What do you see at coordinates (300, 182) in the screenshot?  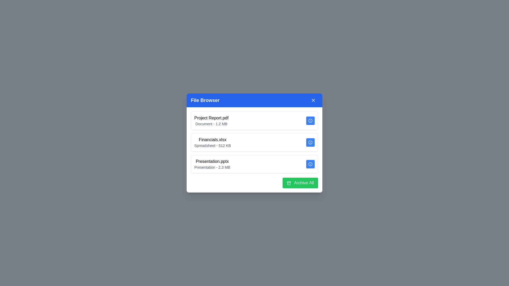 I see `'Archive All' button to archive all listed files` at bounding box center [300, 182].